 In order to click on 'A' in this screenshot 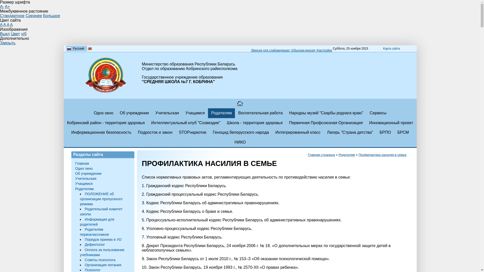, I will do `click(11, 25)`.